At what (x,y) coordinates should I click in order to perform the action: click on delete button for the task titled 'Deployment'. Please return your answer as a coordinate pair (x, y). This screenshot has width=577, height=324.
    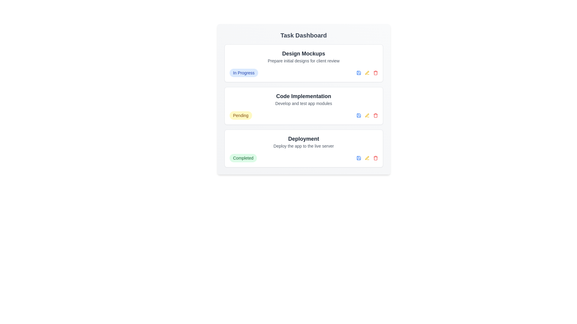
    Looking at the image, I should click on (375, 158).